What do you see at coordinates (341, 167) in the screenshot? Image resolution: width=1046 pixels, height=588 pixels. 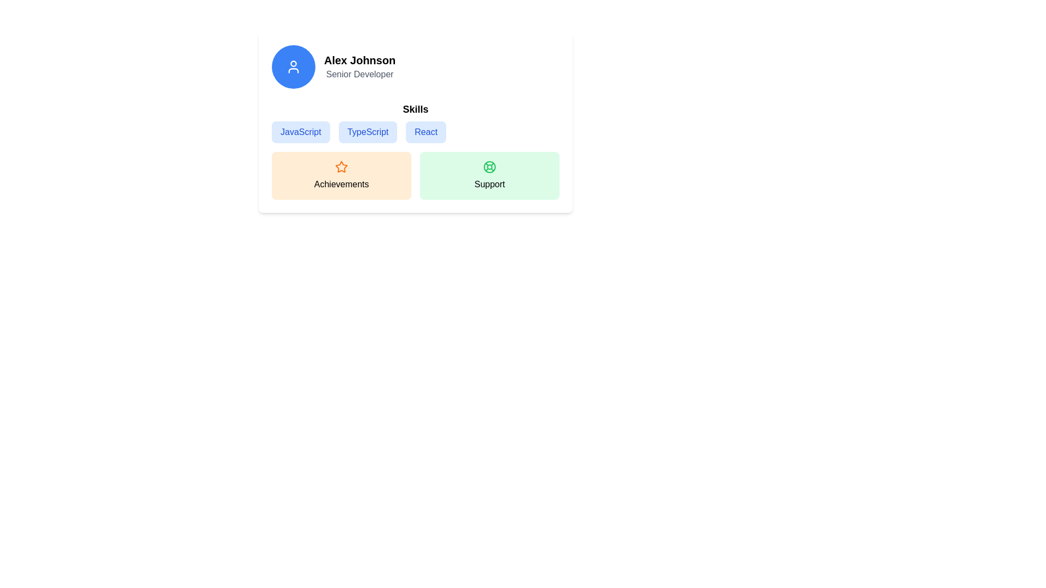 I see `the achievement icon located in the 'Achievements' section, which is the only icon on the left side of the horizontal row containing 'Achievements' and 'Support'` at bounding box center [341, 167].